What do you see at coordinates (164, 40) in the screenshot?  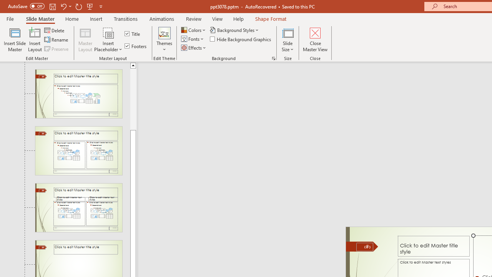 I see `'Themes'` at bounding box center [164, 40].